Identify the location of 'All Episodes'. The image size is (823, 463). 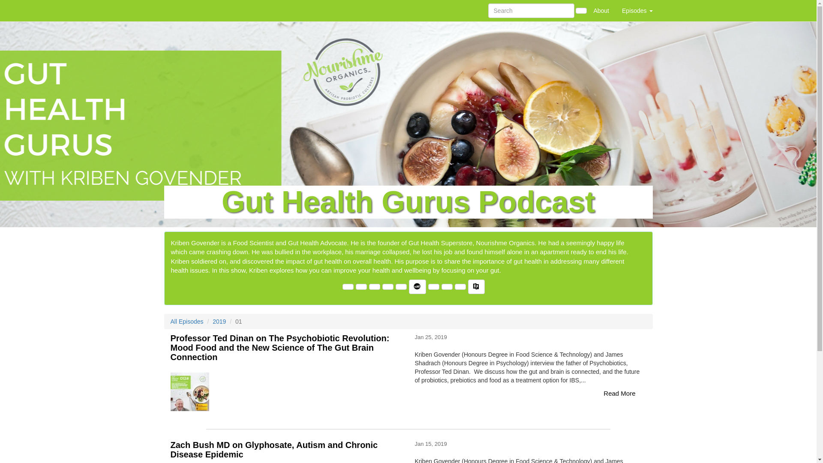
(186, 321).